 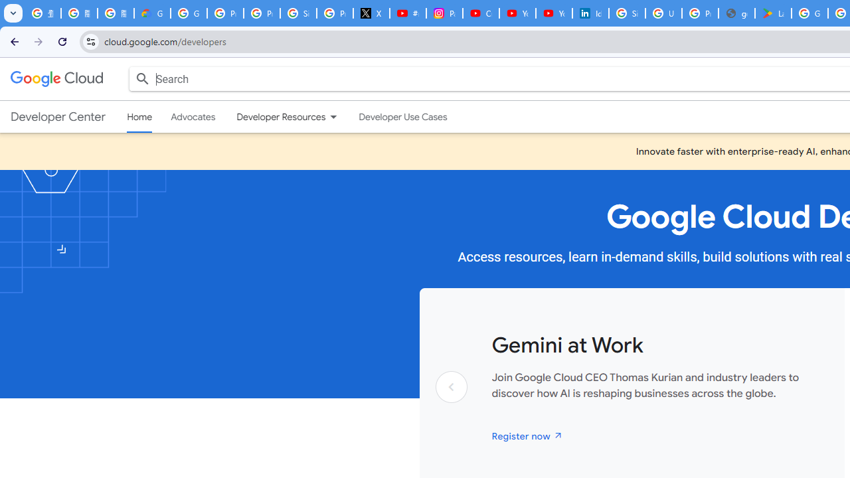 What do you see at coordinates (139, 116) in the screenshot?
I see `'Home, selected'` at bounding box center [139, 116].